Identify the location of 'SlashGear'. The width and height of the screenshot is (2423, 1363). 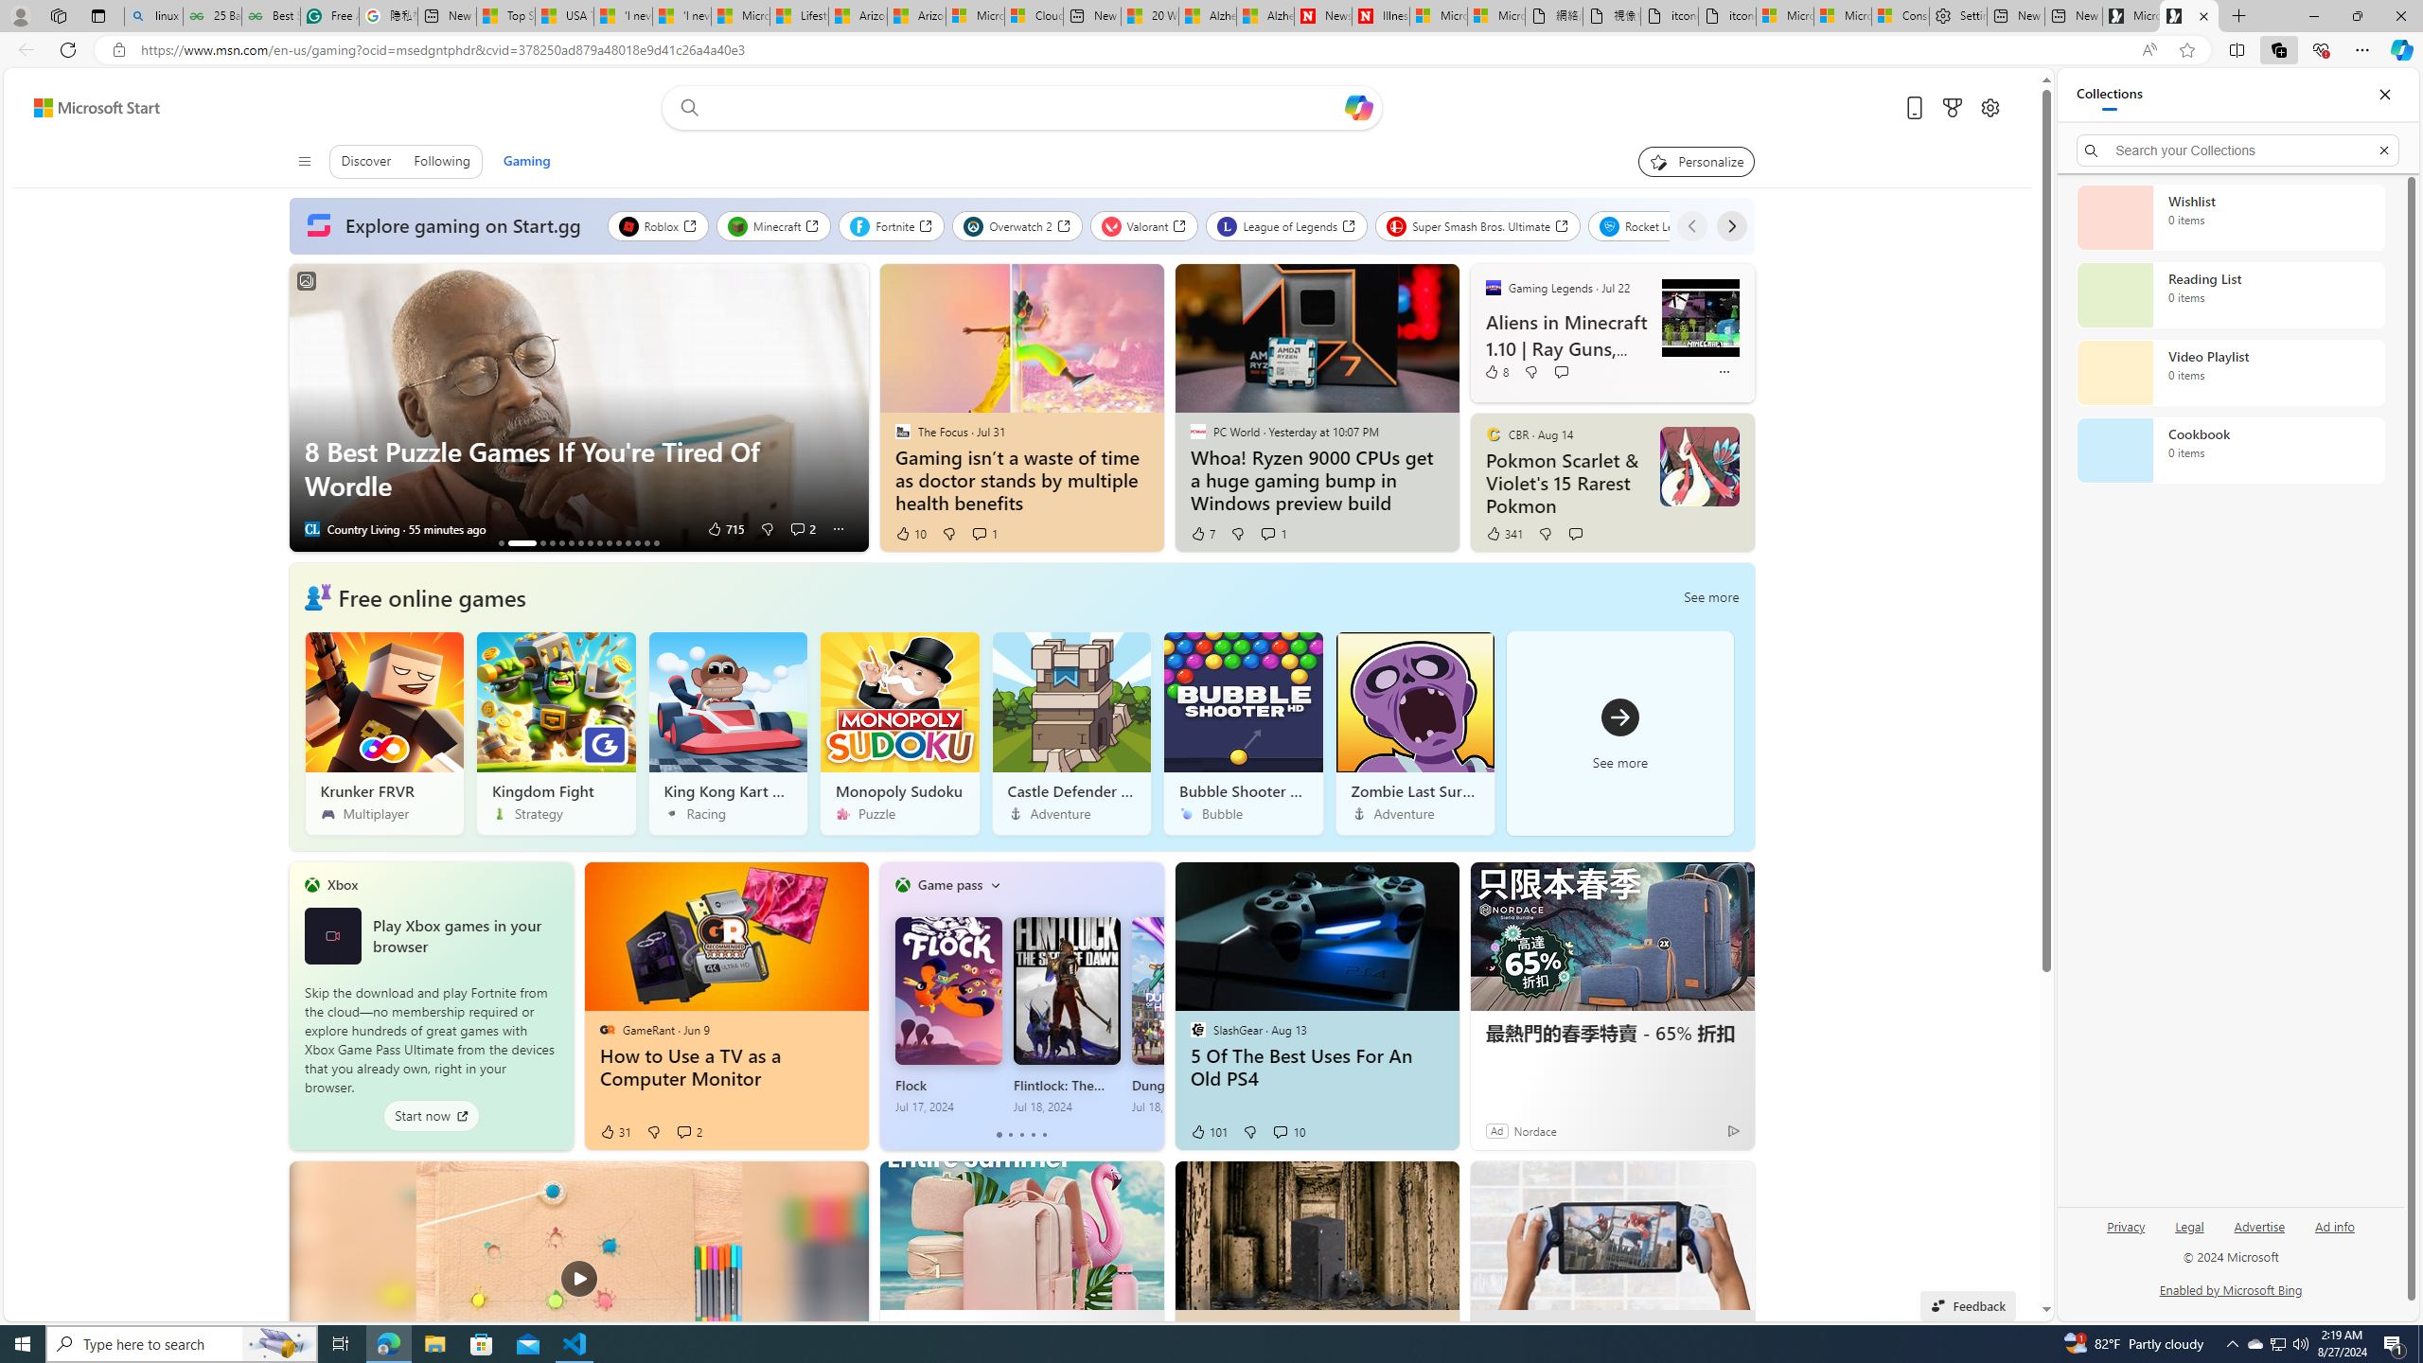
(1196, 1029).